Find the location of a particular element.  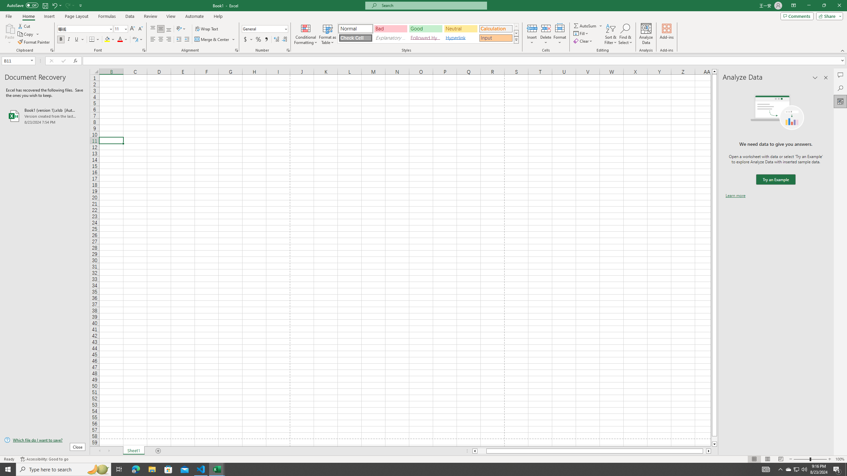

'Learn more' is located at coordinates (735, 195).